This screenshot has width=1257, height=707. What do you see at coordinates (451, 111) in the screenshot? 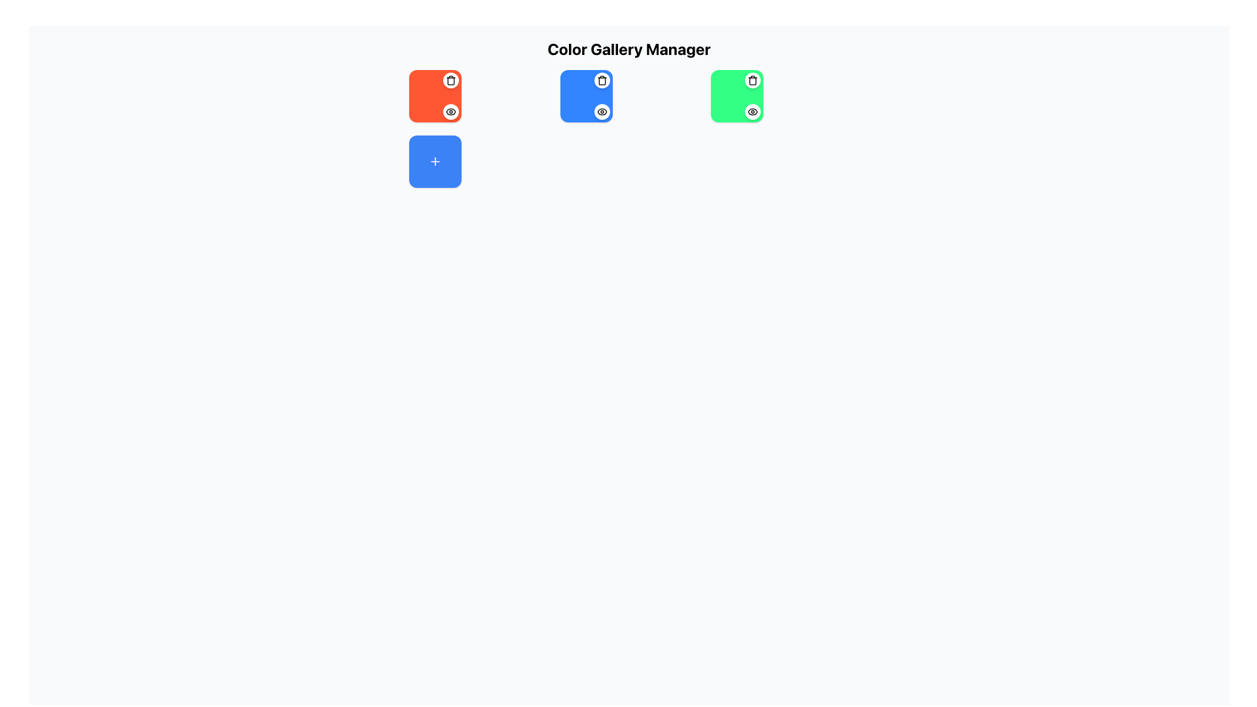
I see `the view button located in the bottom-right corner of a red square block at the top-left section of the interface` at bounding box center [451, 111].